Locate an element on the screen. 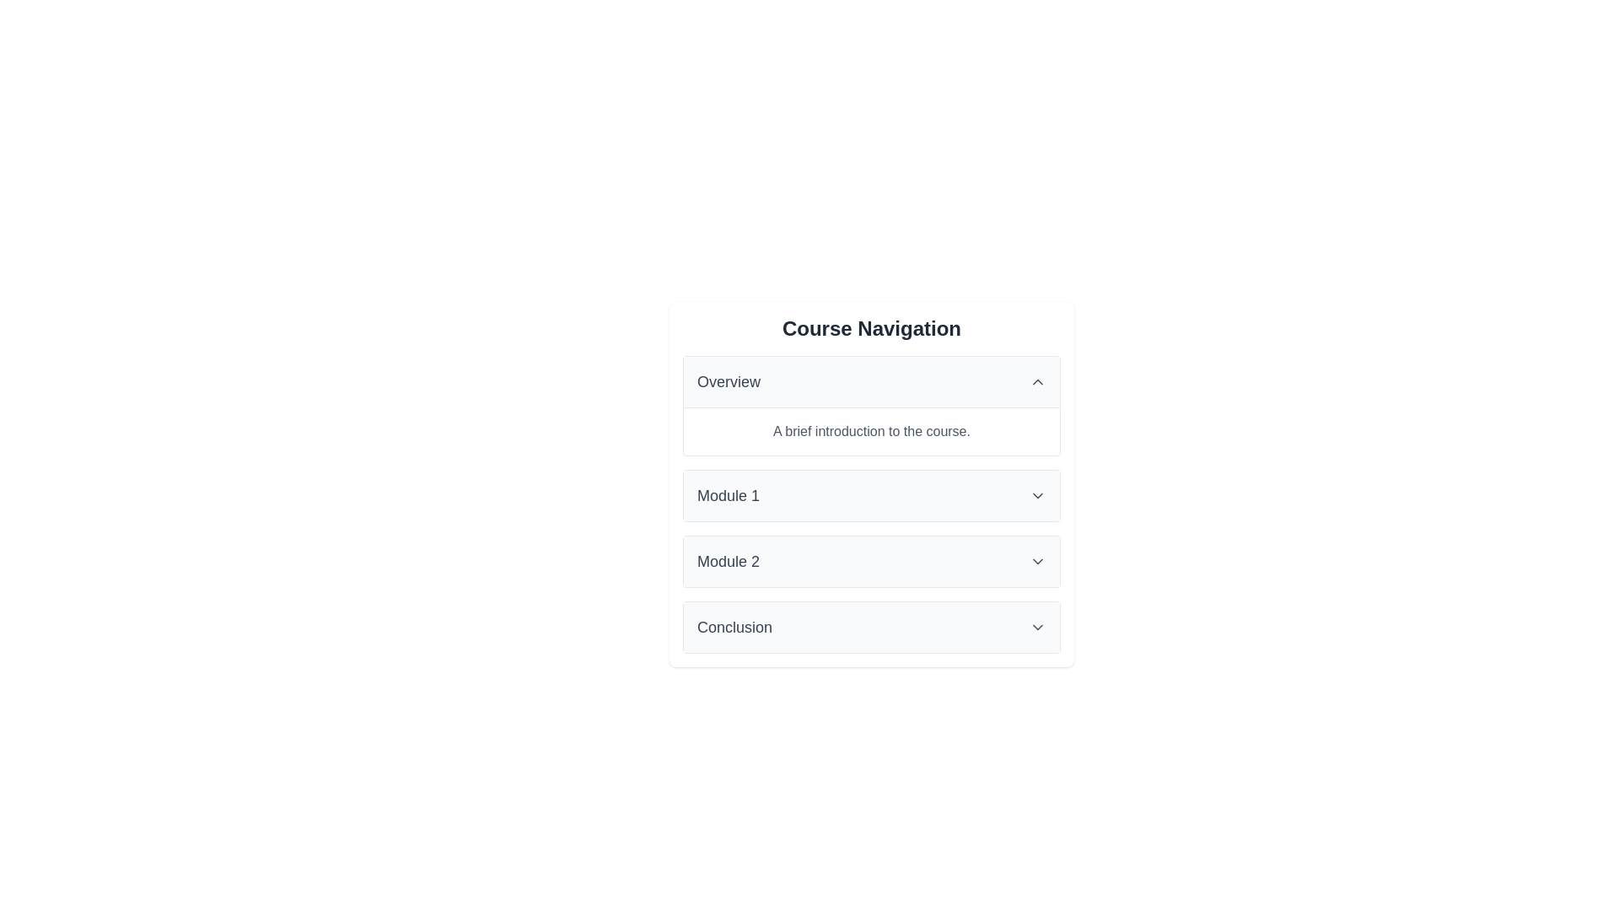  the downward chevron SVG icon located in the 'Conclusion' section of the navigation menu is located at coordinates (1036, 628).